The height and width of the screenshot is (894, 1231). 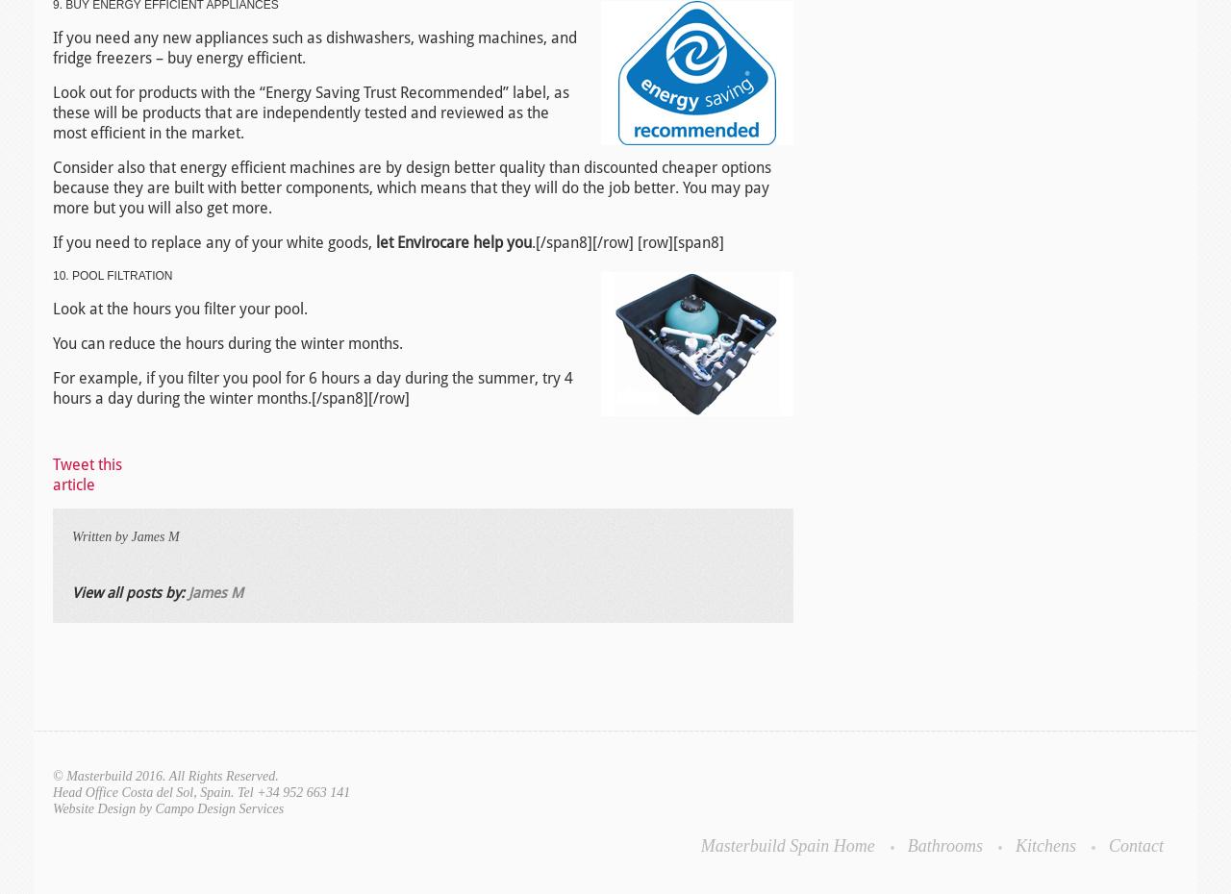 What do you see at coordinates (1044, 845) in the screenshot?
I see `'Kitchens'` at bounding box center [1044, 845].